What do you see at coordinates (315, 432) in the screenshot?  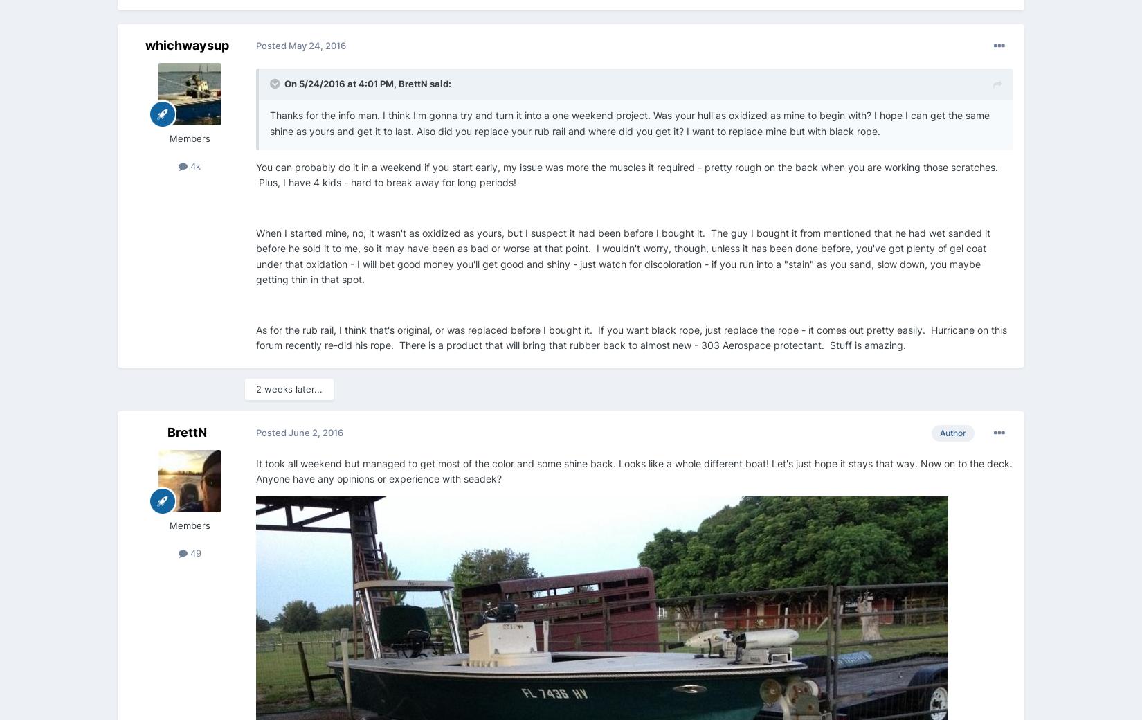 I see `'June 2, 2016'` at bounding box center [315, 432].